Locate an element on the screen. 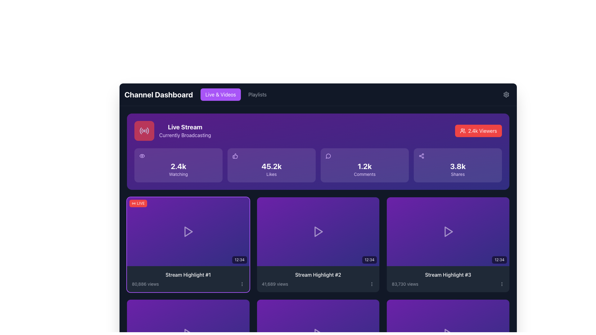  the Text Label that serves as the title for a video highlight, located at the bottom of the second card in a grid layout is located at coordinates (318, 275).